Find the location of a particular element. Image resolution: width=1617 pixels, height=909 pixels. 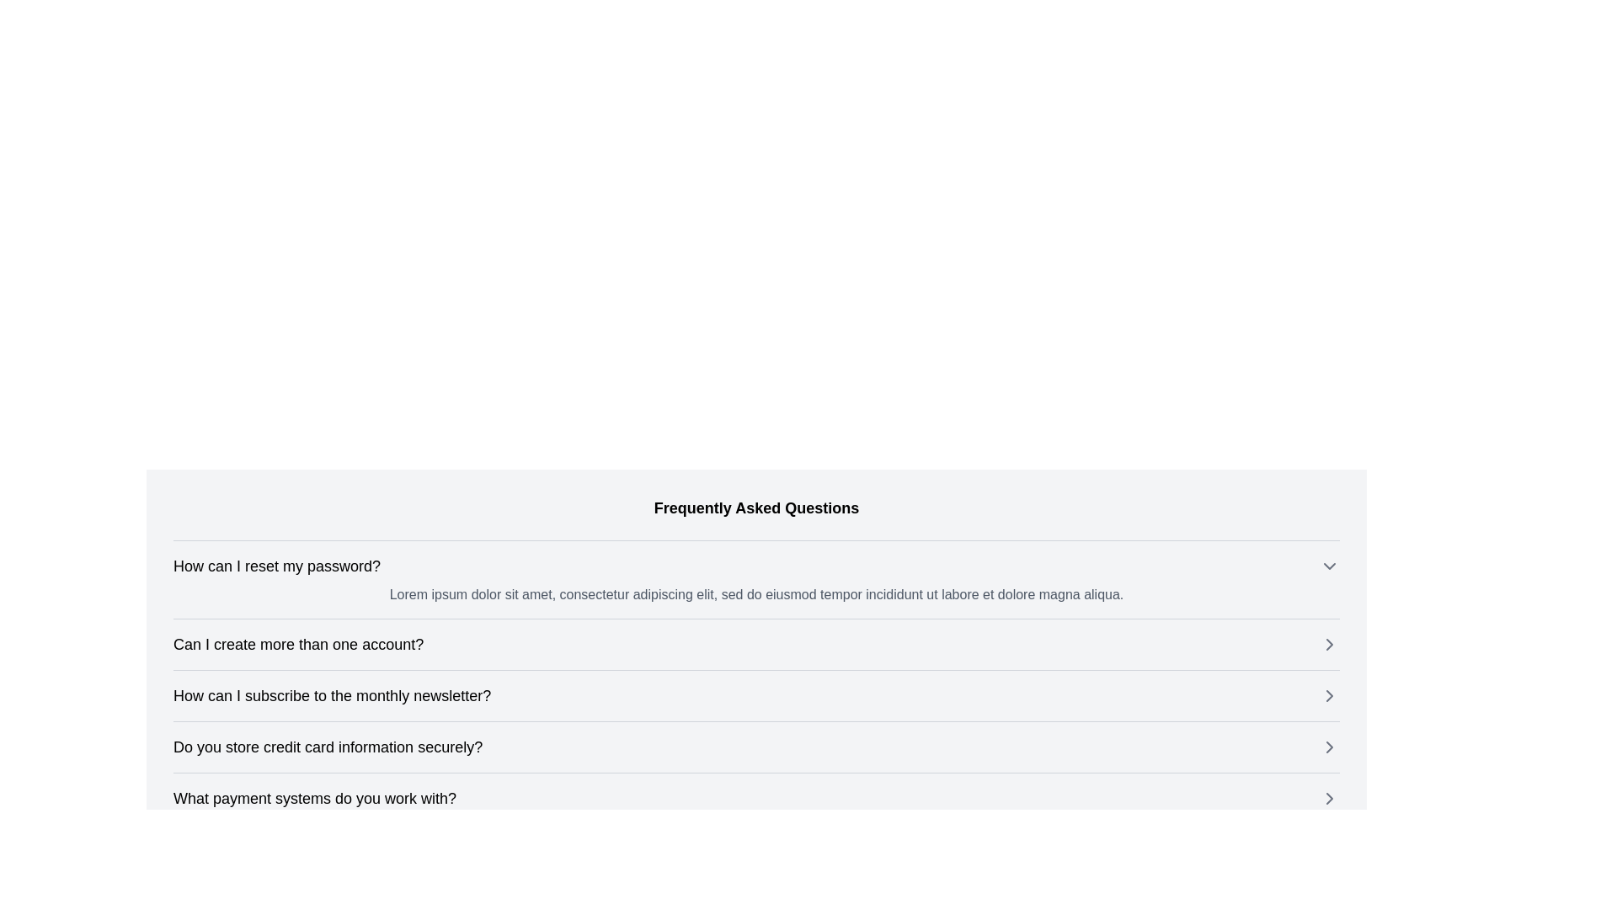

the text label that states 'How can I subscribe to the monthly newsletter?' which is prominently displayed in bold and aligned to the left in the third row of frequently asked questions is located at coordinates (332, 695).